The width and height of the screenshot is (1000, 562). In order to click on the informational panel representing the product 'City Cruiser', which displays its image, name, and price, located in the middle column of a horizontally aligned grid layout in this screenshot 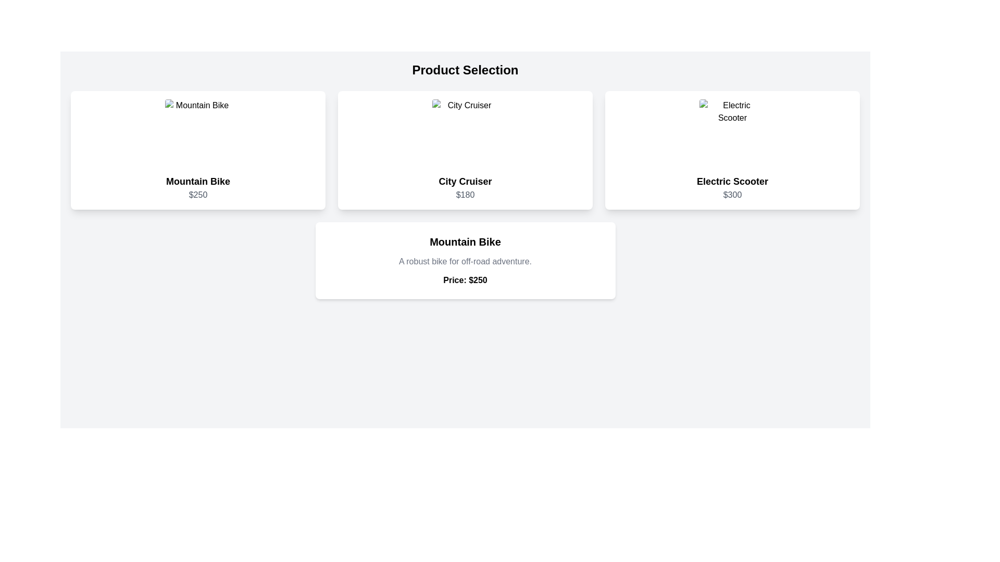, I will do `click(465, 150)`.